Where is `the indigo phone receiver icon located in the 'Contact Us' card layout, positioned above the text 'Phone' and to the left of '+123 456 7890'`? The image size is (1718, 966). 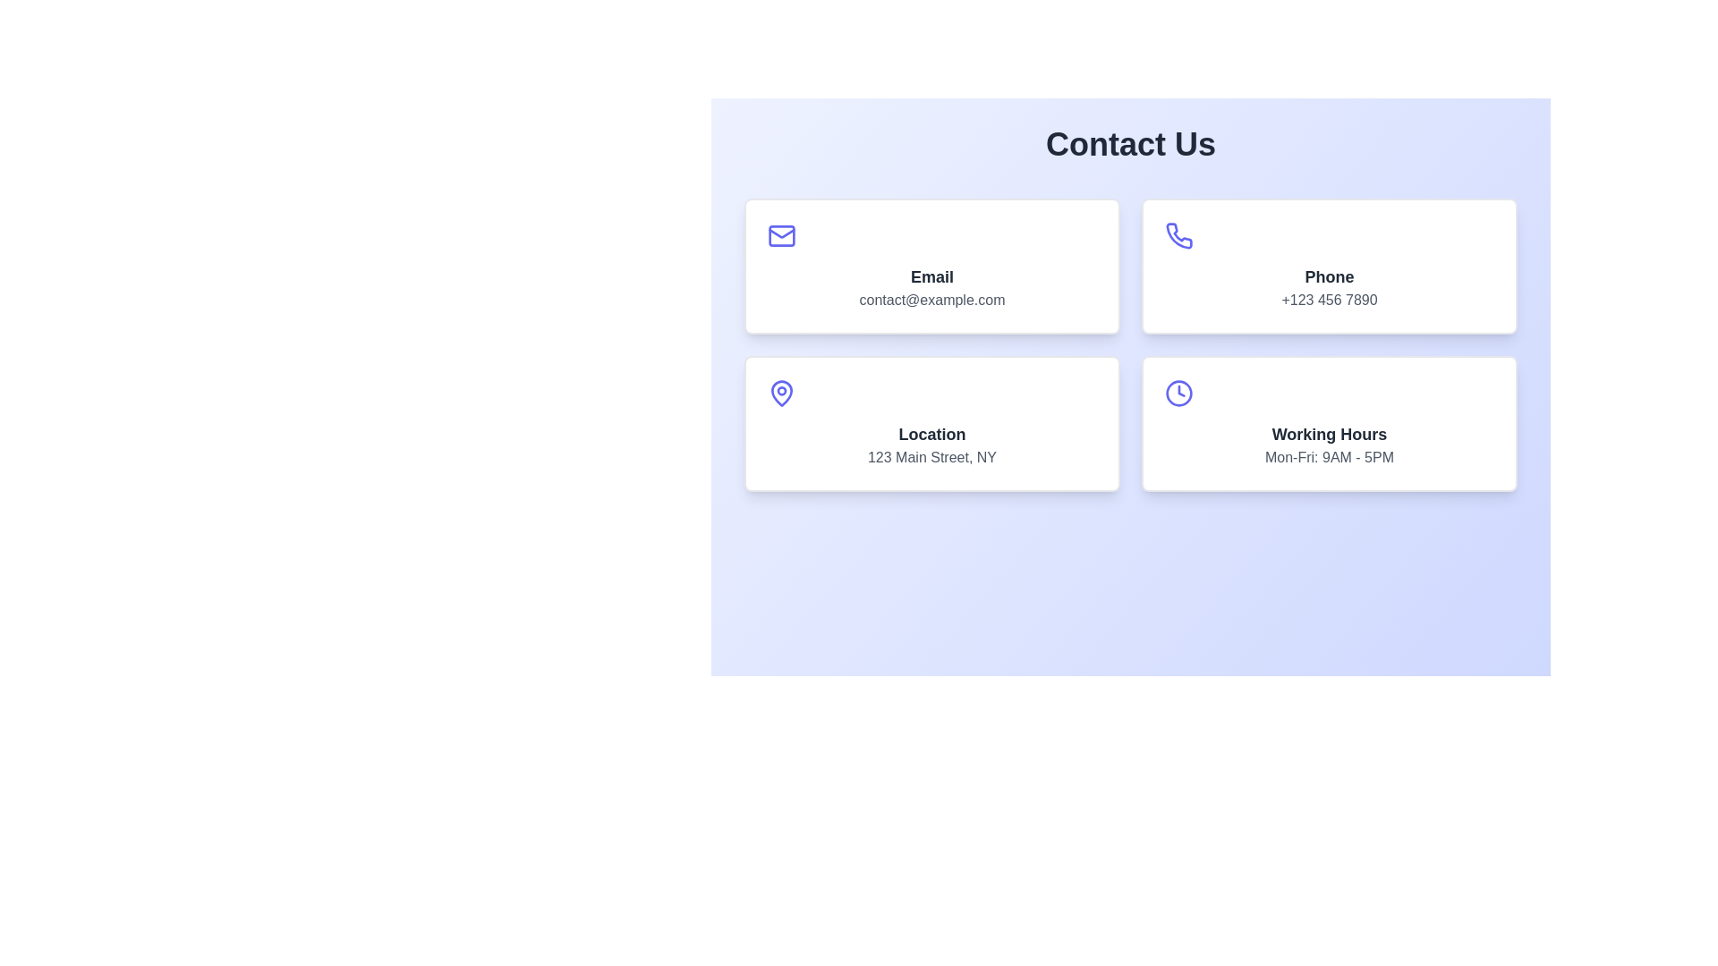 the indigo phone receiver icon located in the 'Contact Us' card layout, positioned above the text 'Phone' and to the left of '+123 456 7890' is located at coordinates (1179, 234).